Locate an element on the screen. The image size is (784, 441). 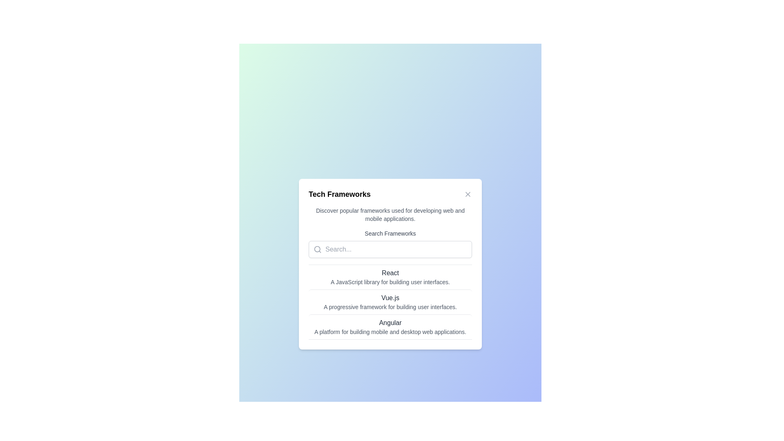
the text label 'React', which serves as a title for the accompanying descriptive text in the dialog box is located at coordinates (390, 273).